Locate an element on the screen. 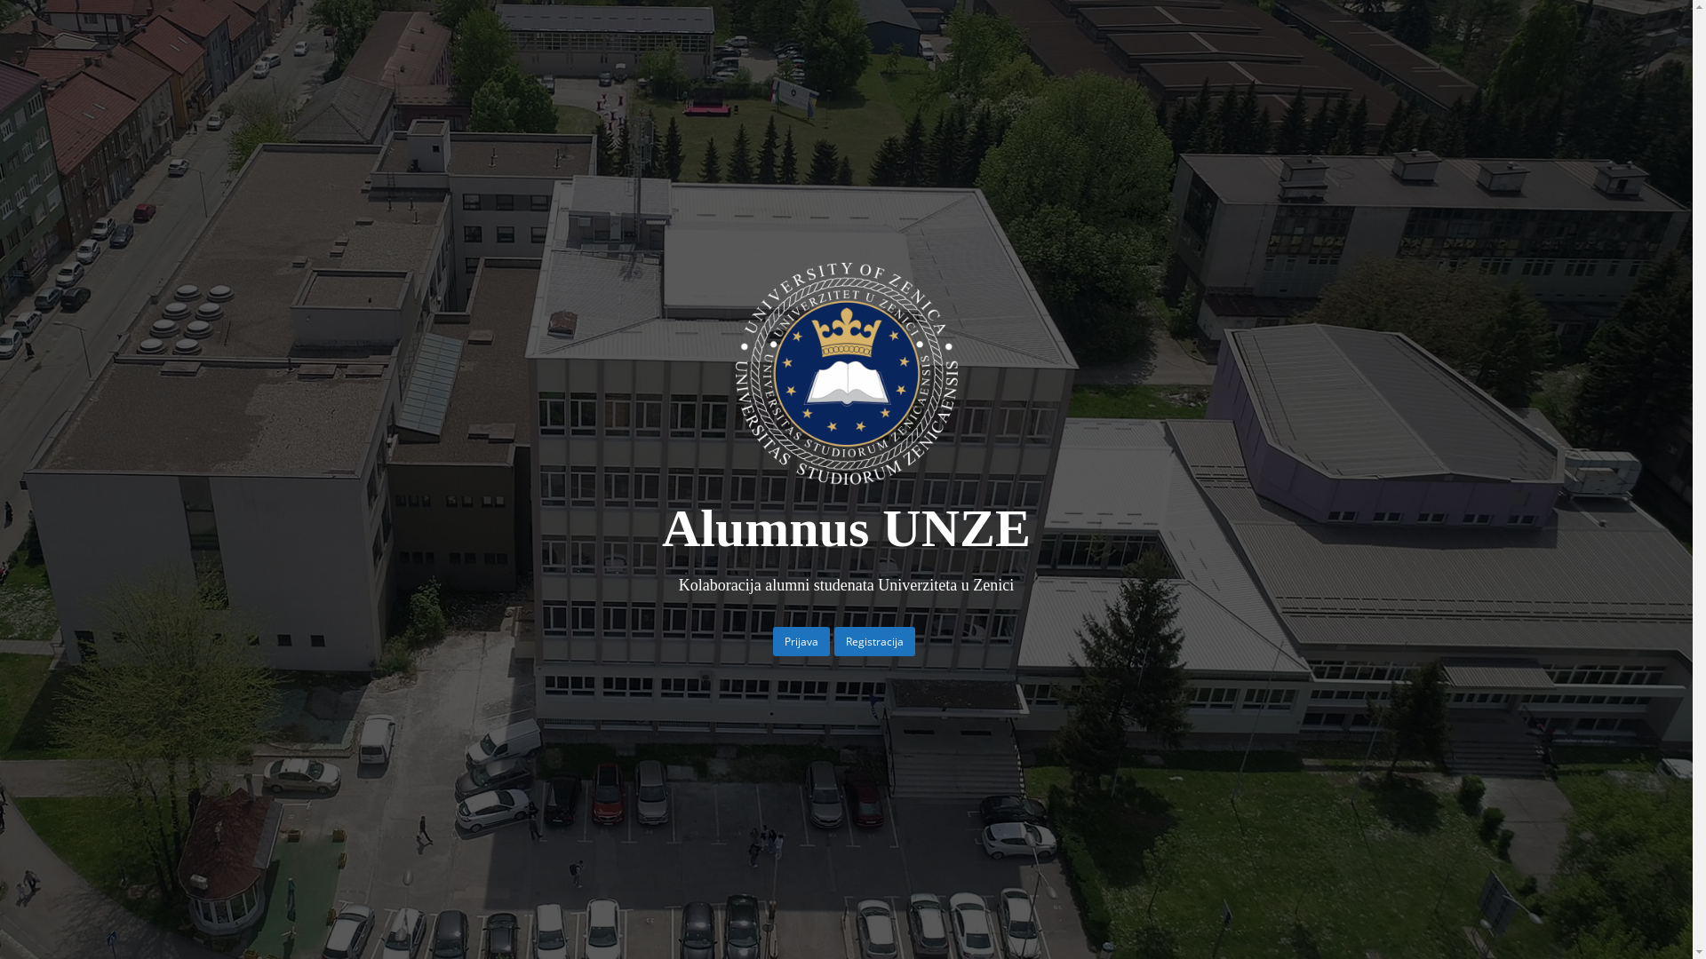  'Prijava' is located at coordinates (772, 641).